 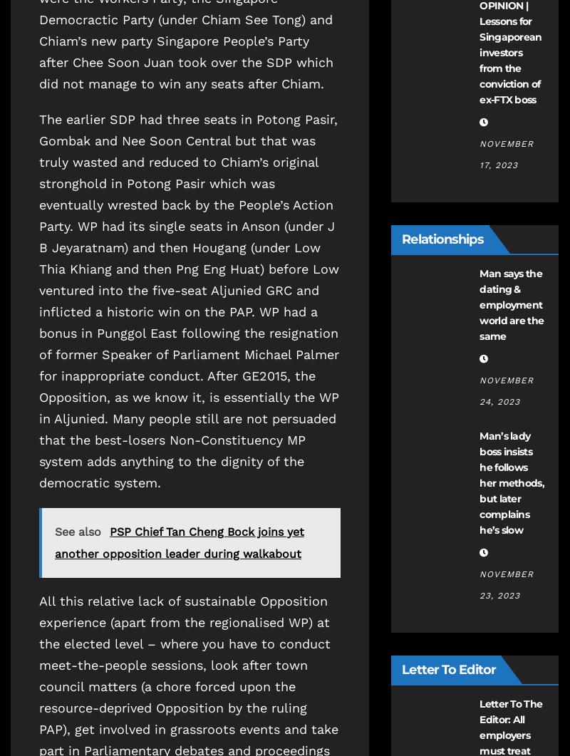 I want to click on 'The earlier SDP had three seats in Potong Pasir, Gombak and Nee Soon Central but that was truly wasted and reduced to Chiam’s original stronghold in Potong Pasir which was eventually wrested back by the People’s Action Party. WP had its single seats in Anson (under J B Jeyaratnam) and then Hougang (under Low Thia Khiang and then Png Eng Huat) before Low ventured into the five-seat Aljunied GRC and inflicted a historic win on the PAP. WP had a bonus in Punggol East following the resignation of former Speaker of Parliament Michael Palmer for inappropriate conduct. After GE2015, the Opposition, as we know it, is essentially the WP in Aljunied. Many people still are not persuaded that the best-losers Non-Constituency MP system adds anything to the dignity of the democratic system.', so click(x=188, y=300).